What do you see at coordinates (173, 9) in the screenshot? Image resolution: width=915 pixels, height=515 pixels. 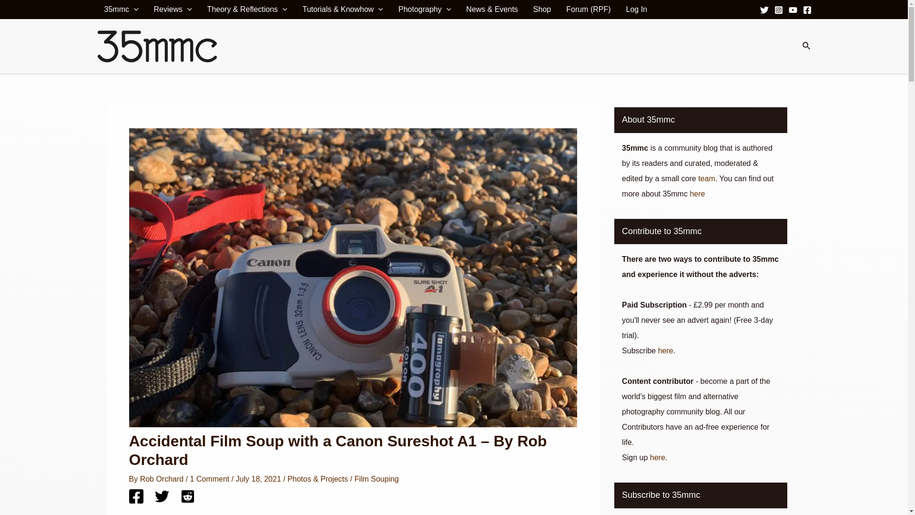 I see `'Reviews'` at bounding box center [173, 9].